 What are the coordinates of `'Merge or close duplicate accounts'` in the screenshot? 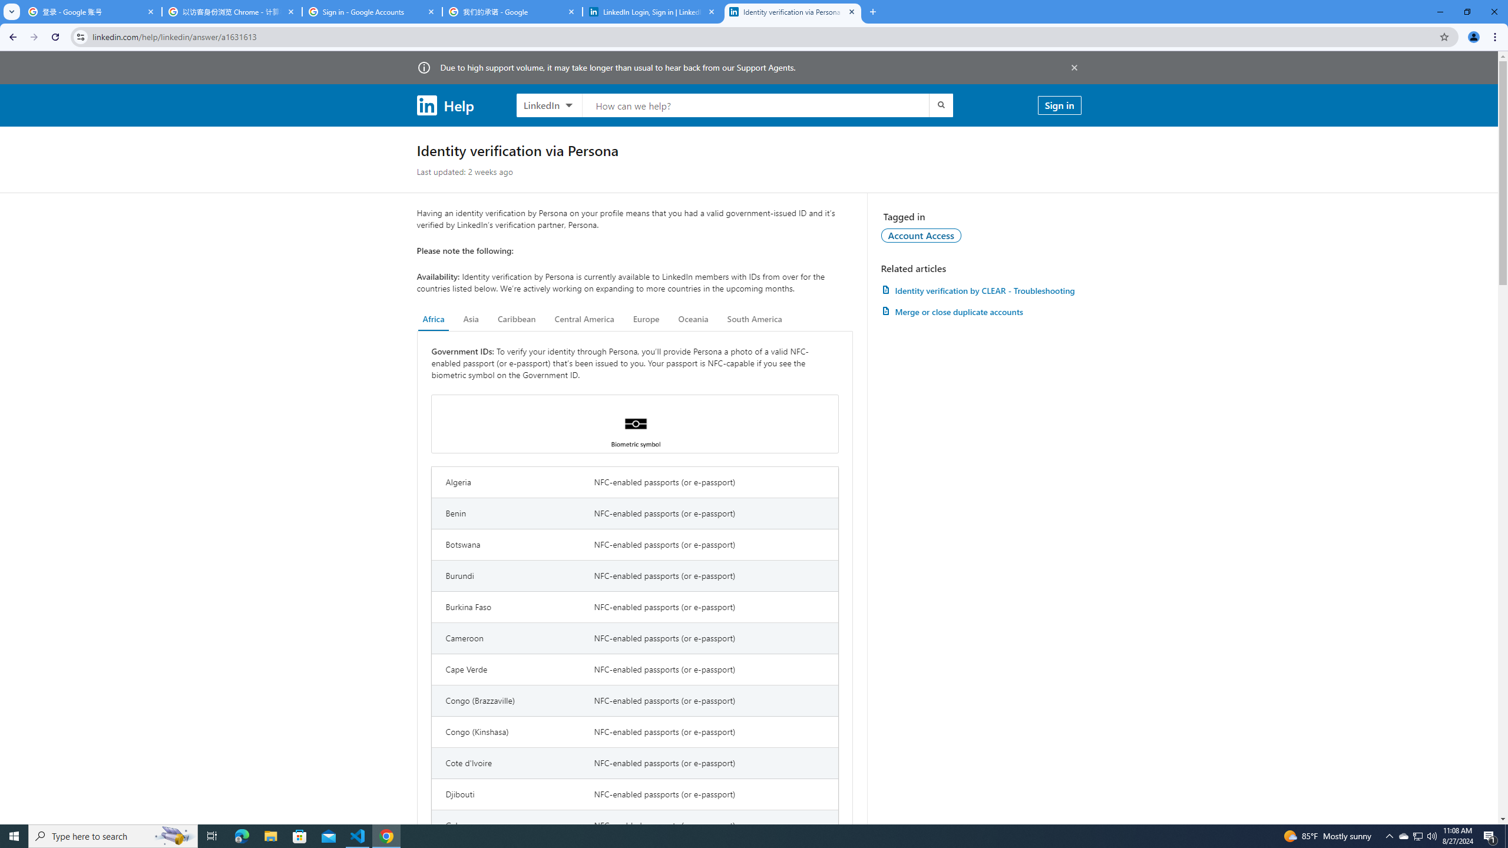 It's located at (980, 311).